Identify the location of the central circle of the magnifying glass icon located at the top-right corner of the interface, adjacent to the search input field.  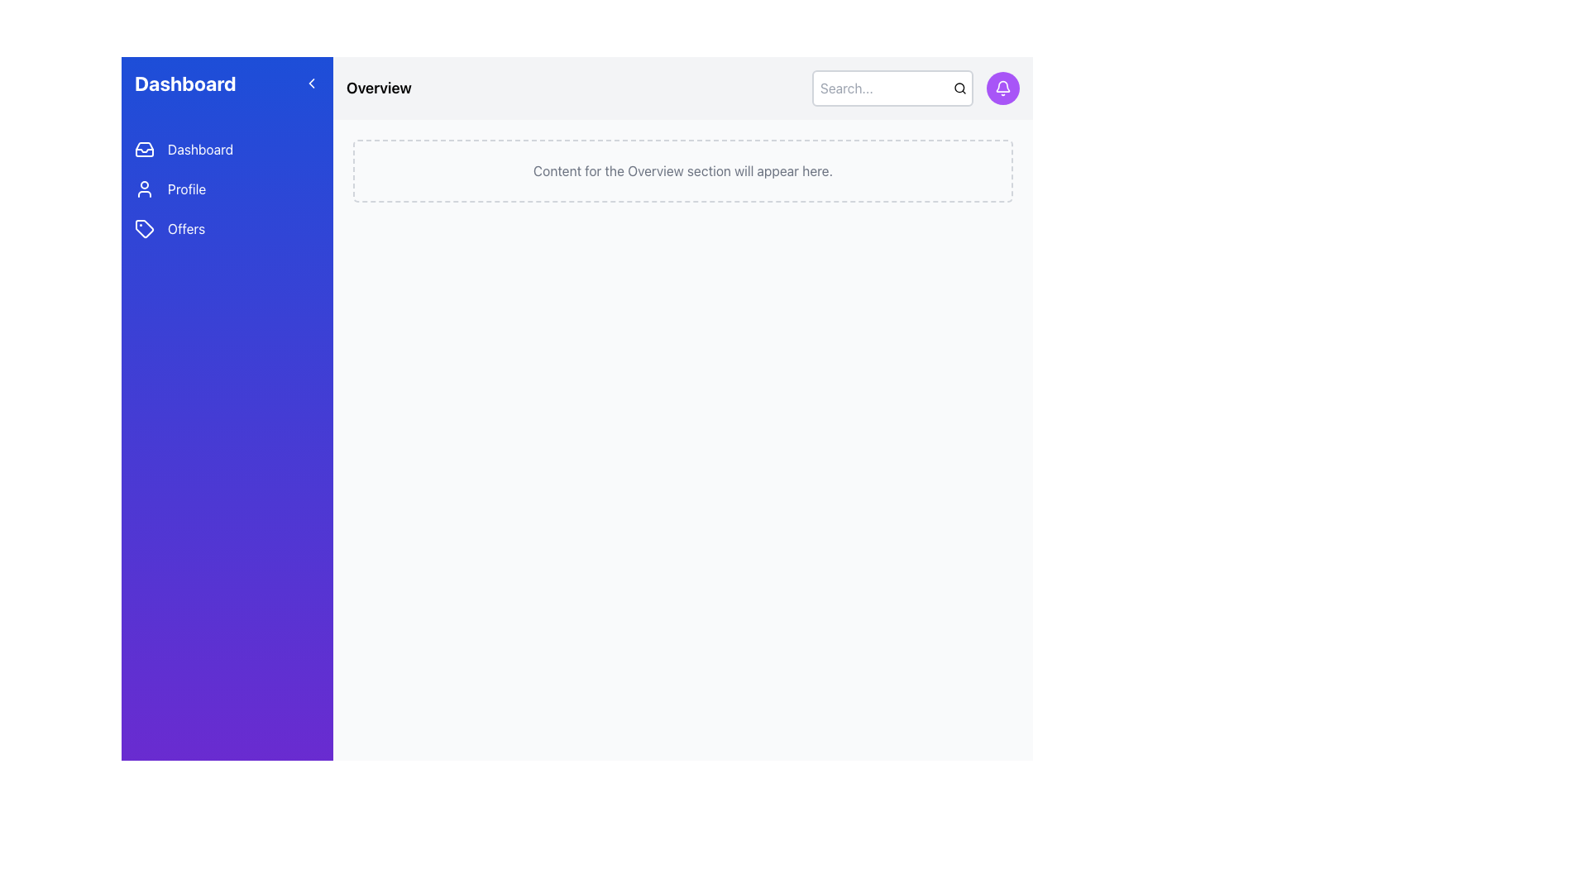
(959, 88).